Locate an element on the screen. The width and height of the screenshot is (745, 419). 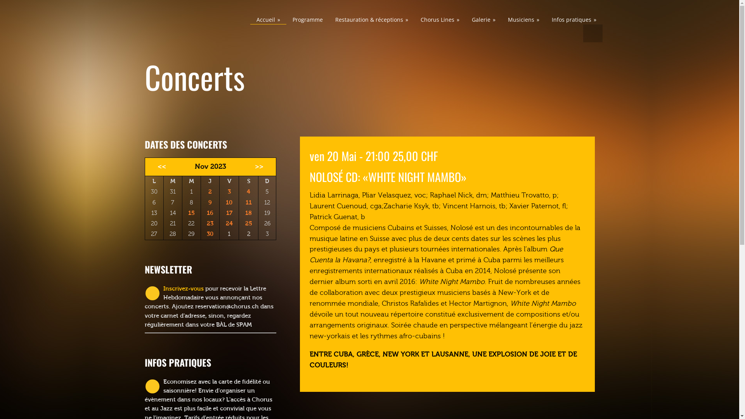
'4' is located at coordinates (248, 191).